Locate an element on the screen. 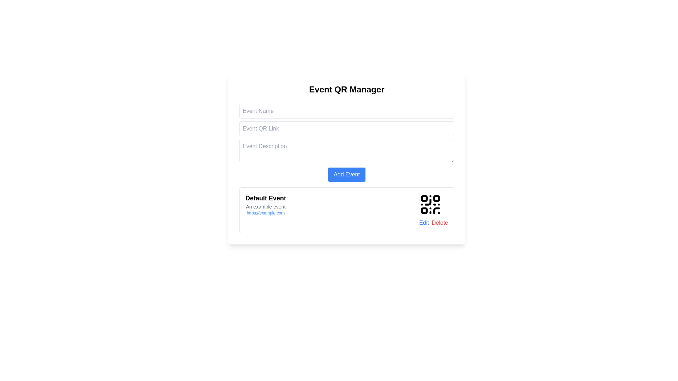  the top-left square of the QR code, which is a graphical subcomponent necessary for machine reading QR data, located within a 3x3 grid arrangement is located at coordinates (424, 198).